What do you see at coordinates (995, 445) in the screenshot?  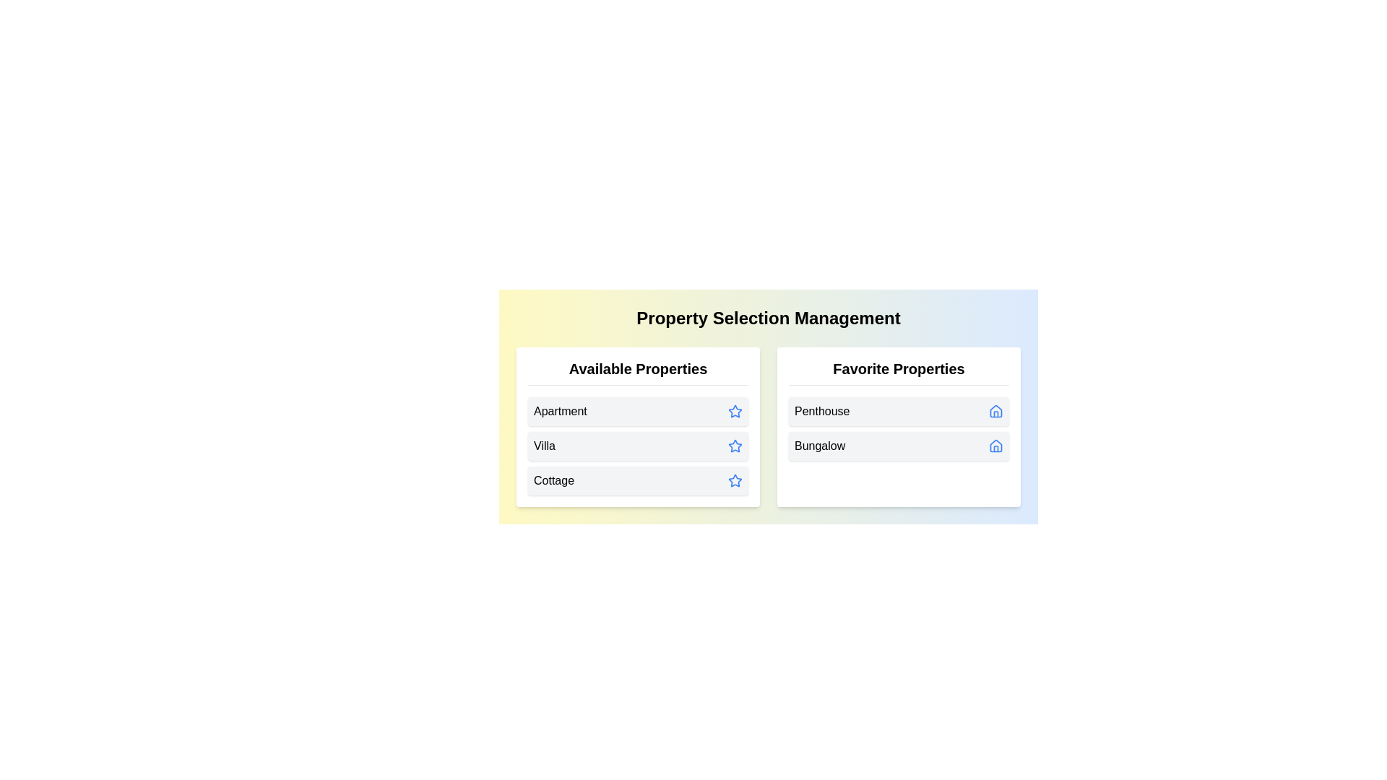 I see `the home icon next to the property Bungalow in the 'Favorite Properties' list to transfer it to 'Available Properties'` at bounding box center [995, 445].